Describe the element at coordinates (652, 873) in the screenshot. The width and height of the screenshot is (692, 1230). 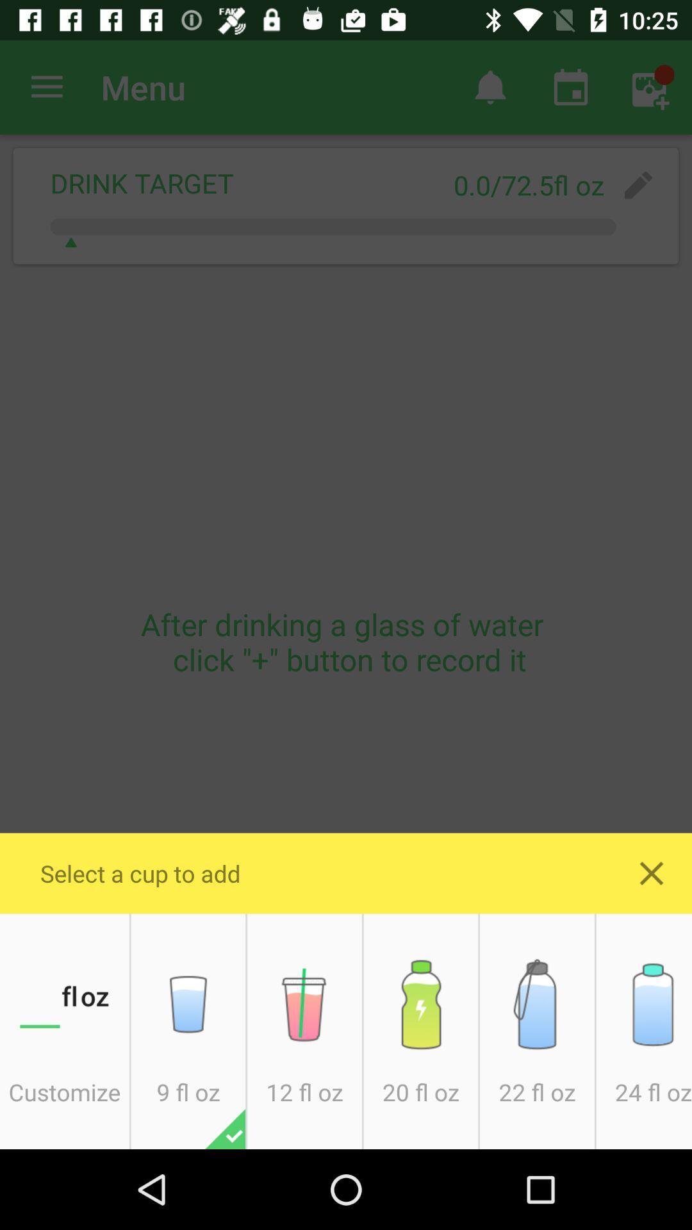
I see `the tab` at that location.